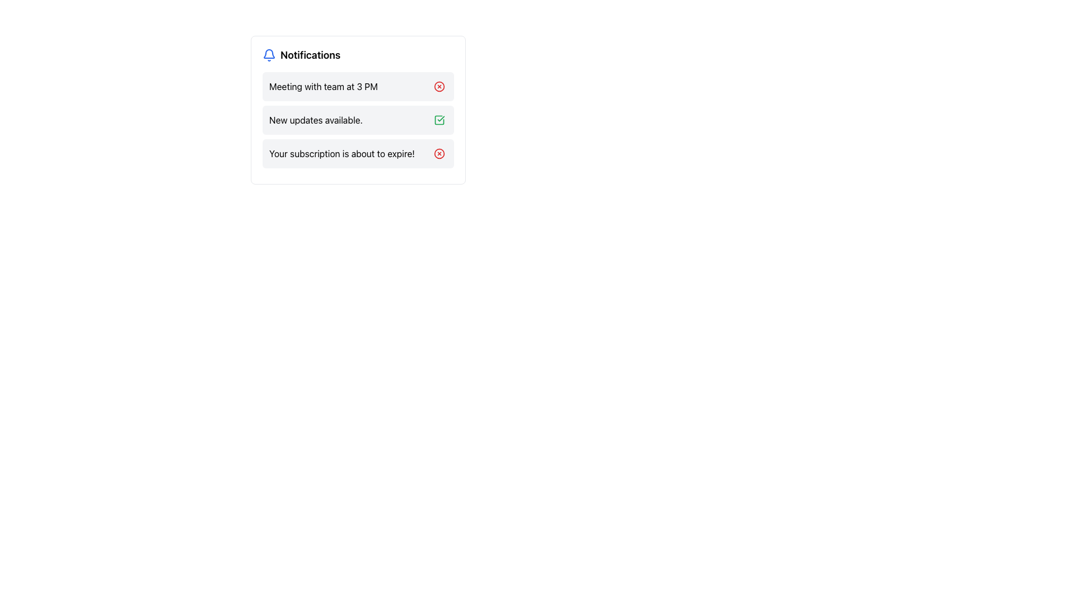 This screenshot has height=604, width=1075. What do you see at coordinates (269, 55) in the screenshot?
I see `the bell icon located at the top-left of the notification panel, which serves as a visual indicator for notifications` at bounding box center [269, 55].